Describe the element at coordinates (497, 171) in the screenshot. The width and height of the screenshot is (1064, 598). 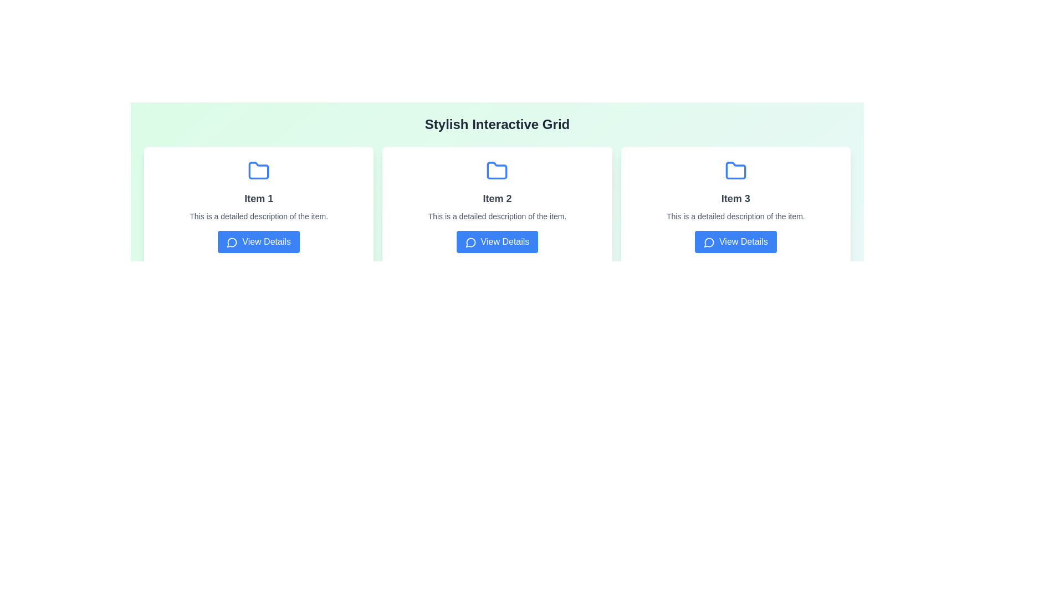
I see `the bright blue folder icon located at the top of the 'Item 2' card, positioned above the 'Item 2' label` at that location.